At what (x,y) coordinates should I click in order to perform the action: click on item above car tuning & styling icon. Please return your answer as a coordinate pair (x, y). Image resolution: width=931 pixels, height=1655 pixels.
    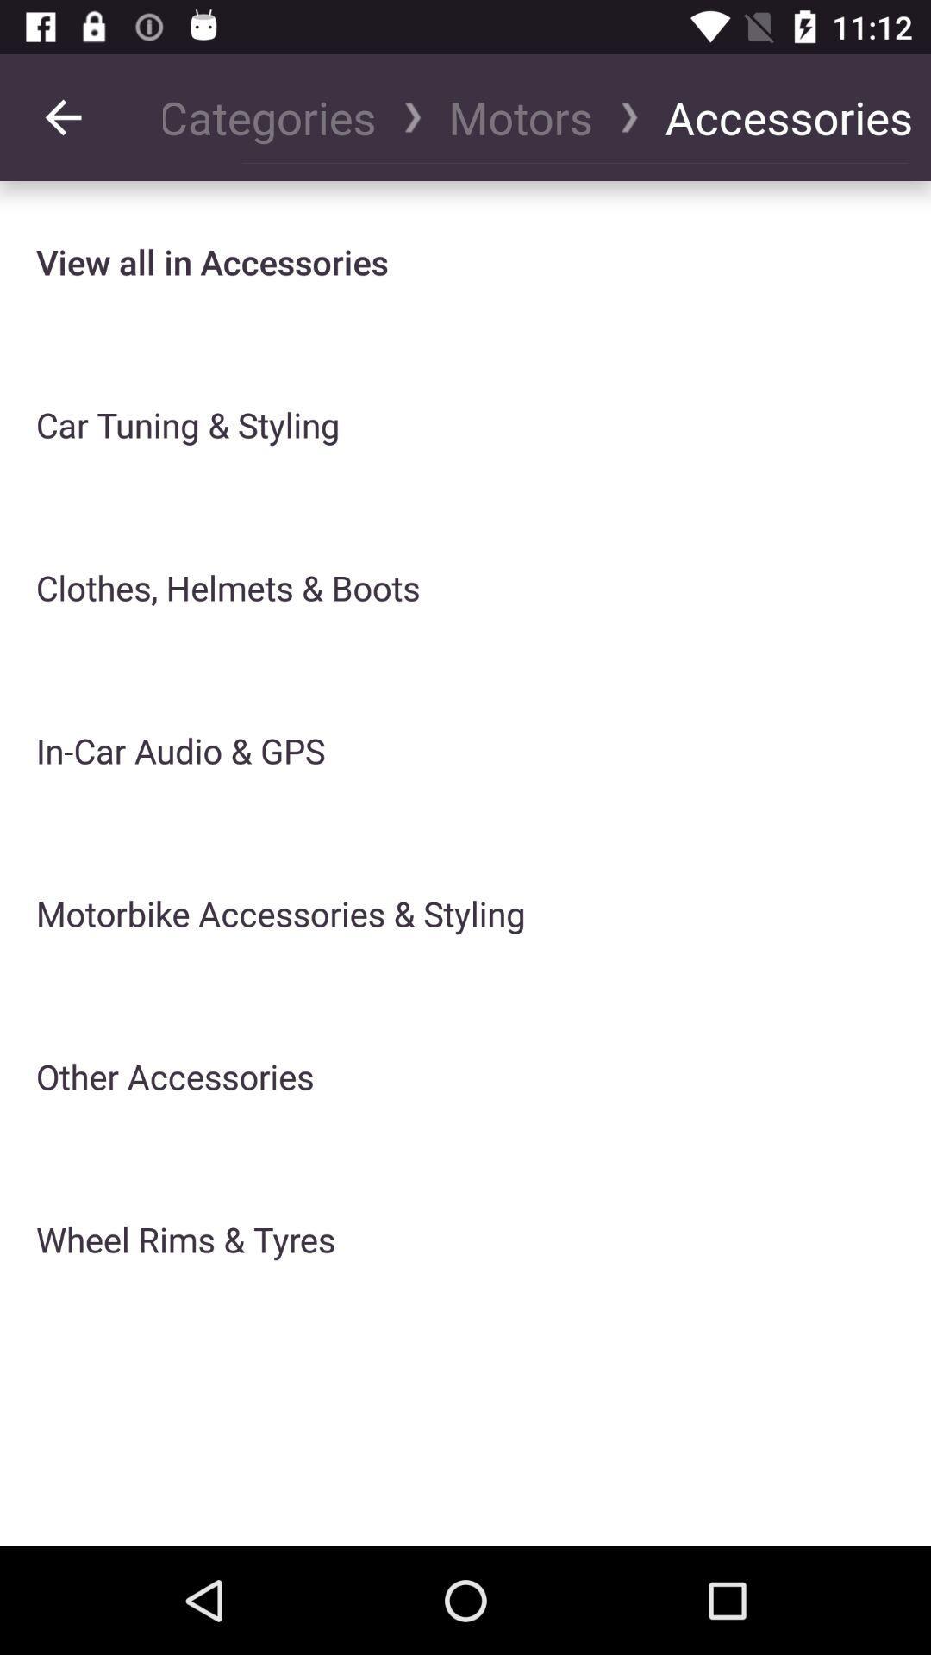
    Looking at the image, I should click on (211, 261).